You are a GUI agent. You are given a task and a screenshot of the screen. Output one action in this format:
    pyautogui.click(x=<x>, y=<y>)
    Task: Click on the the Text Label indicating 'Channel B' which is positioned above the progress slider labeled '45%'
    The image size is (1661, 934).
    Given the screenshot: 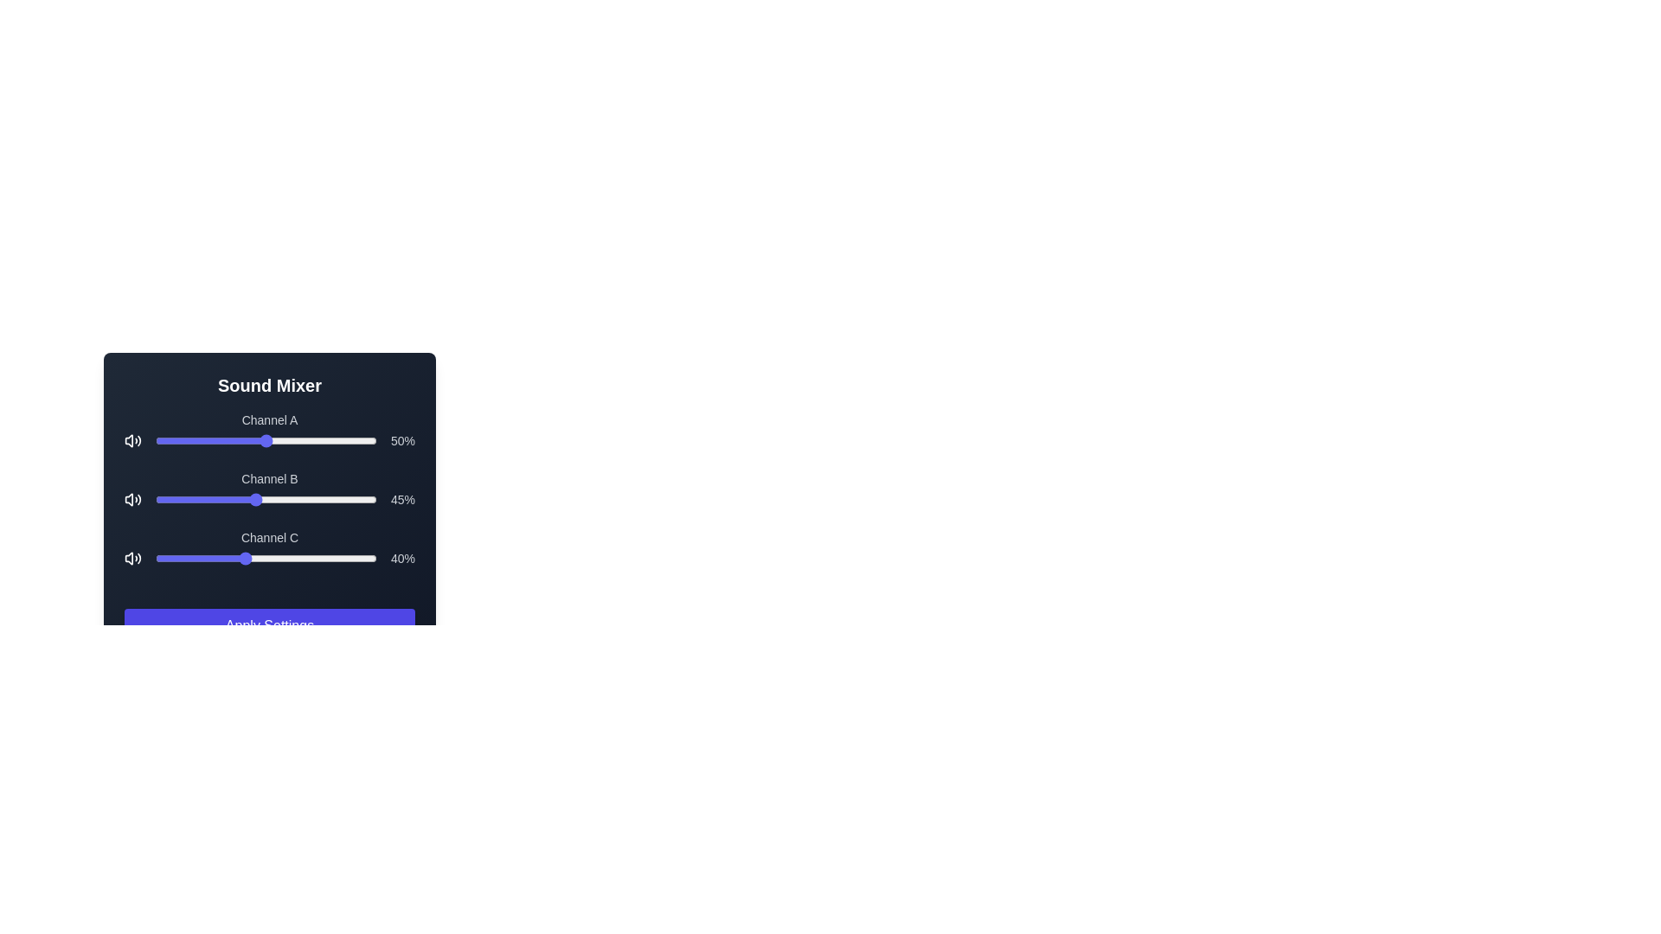 What is the action you would take?
    pyautogui.click(x=269, y=479)
    